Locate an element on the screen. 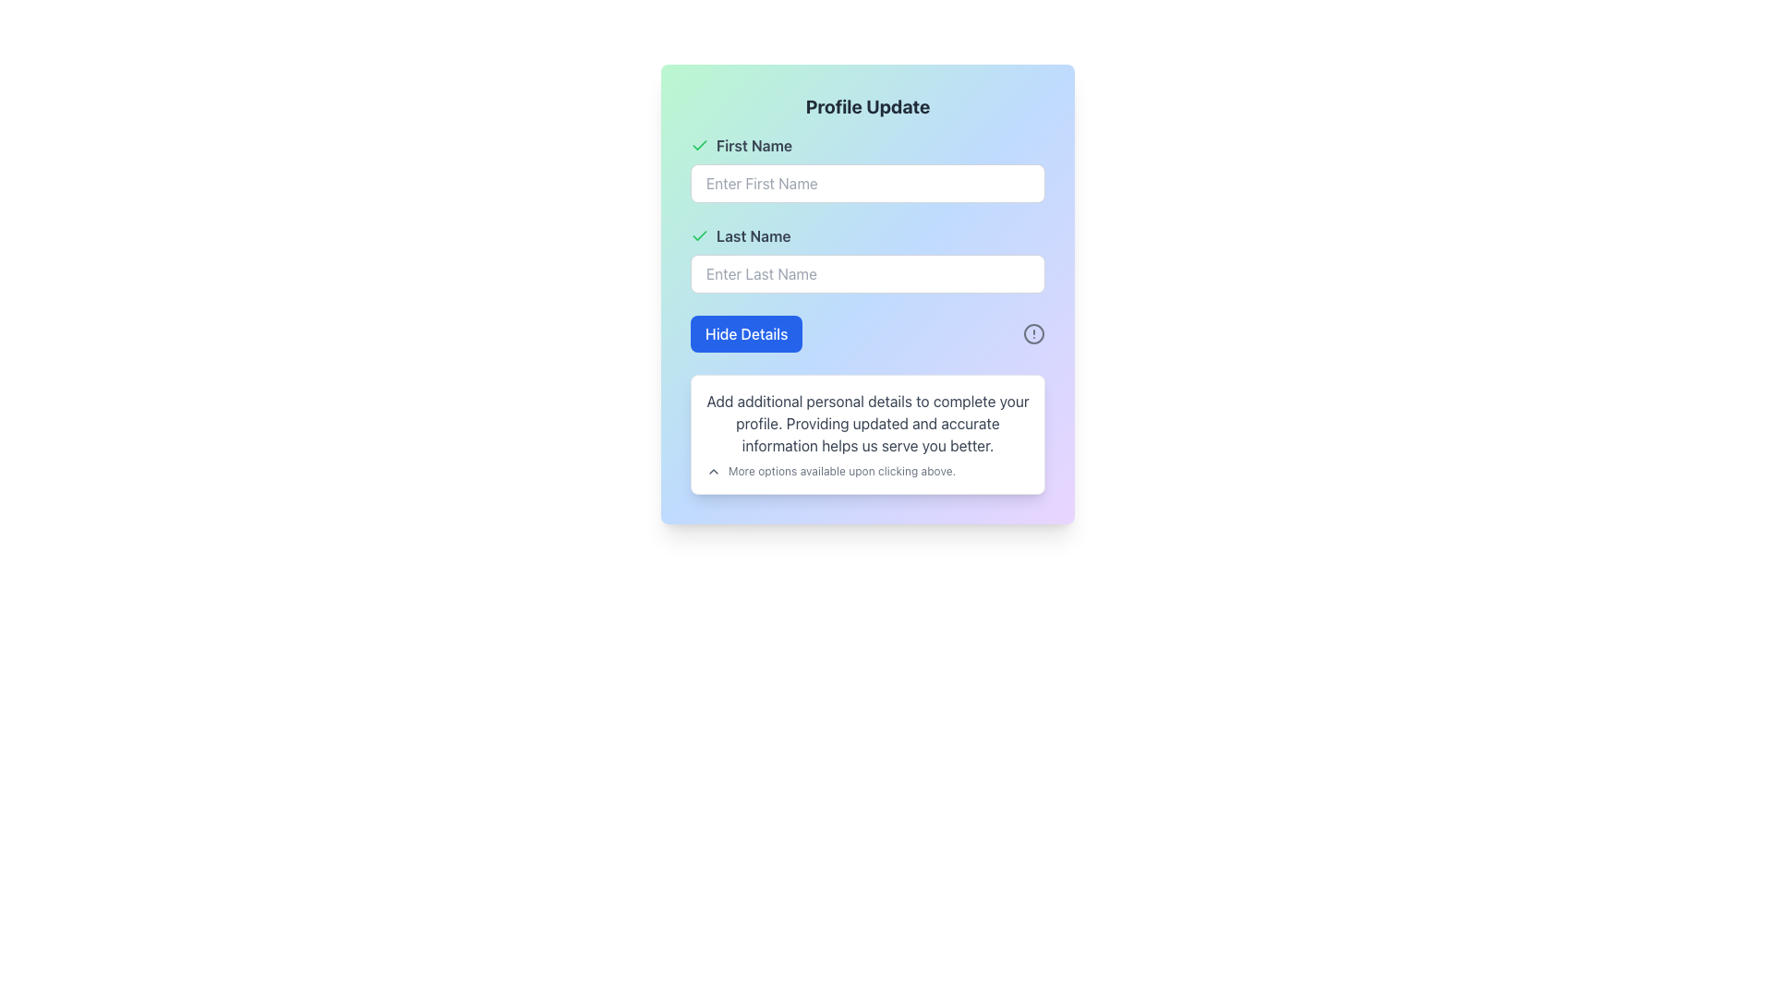 Image resolution: width=1773 pixels, height=997 pixels. the checkmark icon styled with a green stroke located to the left of the 'Last Name' label is located at coordinates (699, 144).